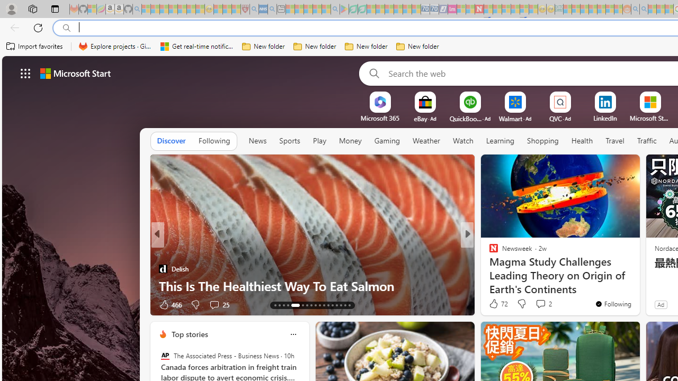 The width and height of the screenshot is (678, 381). What do you see at coordinates (344, 9) in the screenshot?
I see `'Bluey: Let'` at bounding box center [344, 9].